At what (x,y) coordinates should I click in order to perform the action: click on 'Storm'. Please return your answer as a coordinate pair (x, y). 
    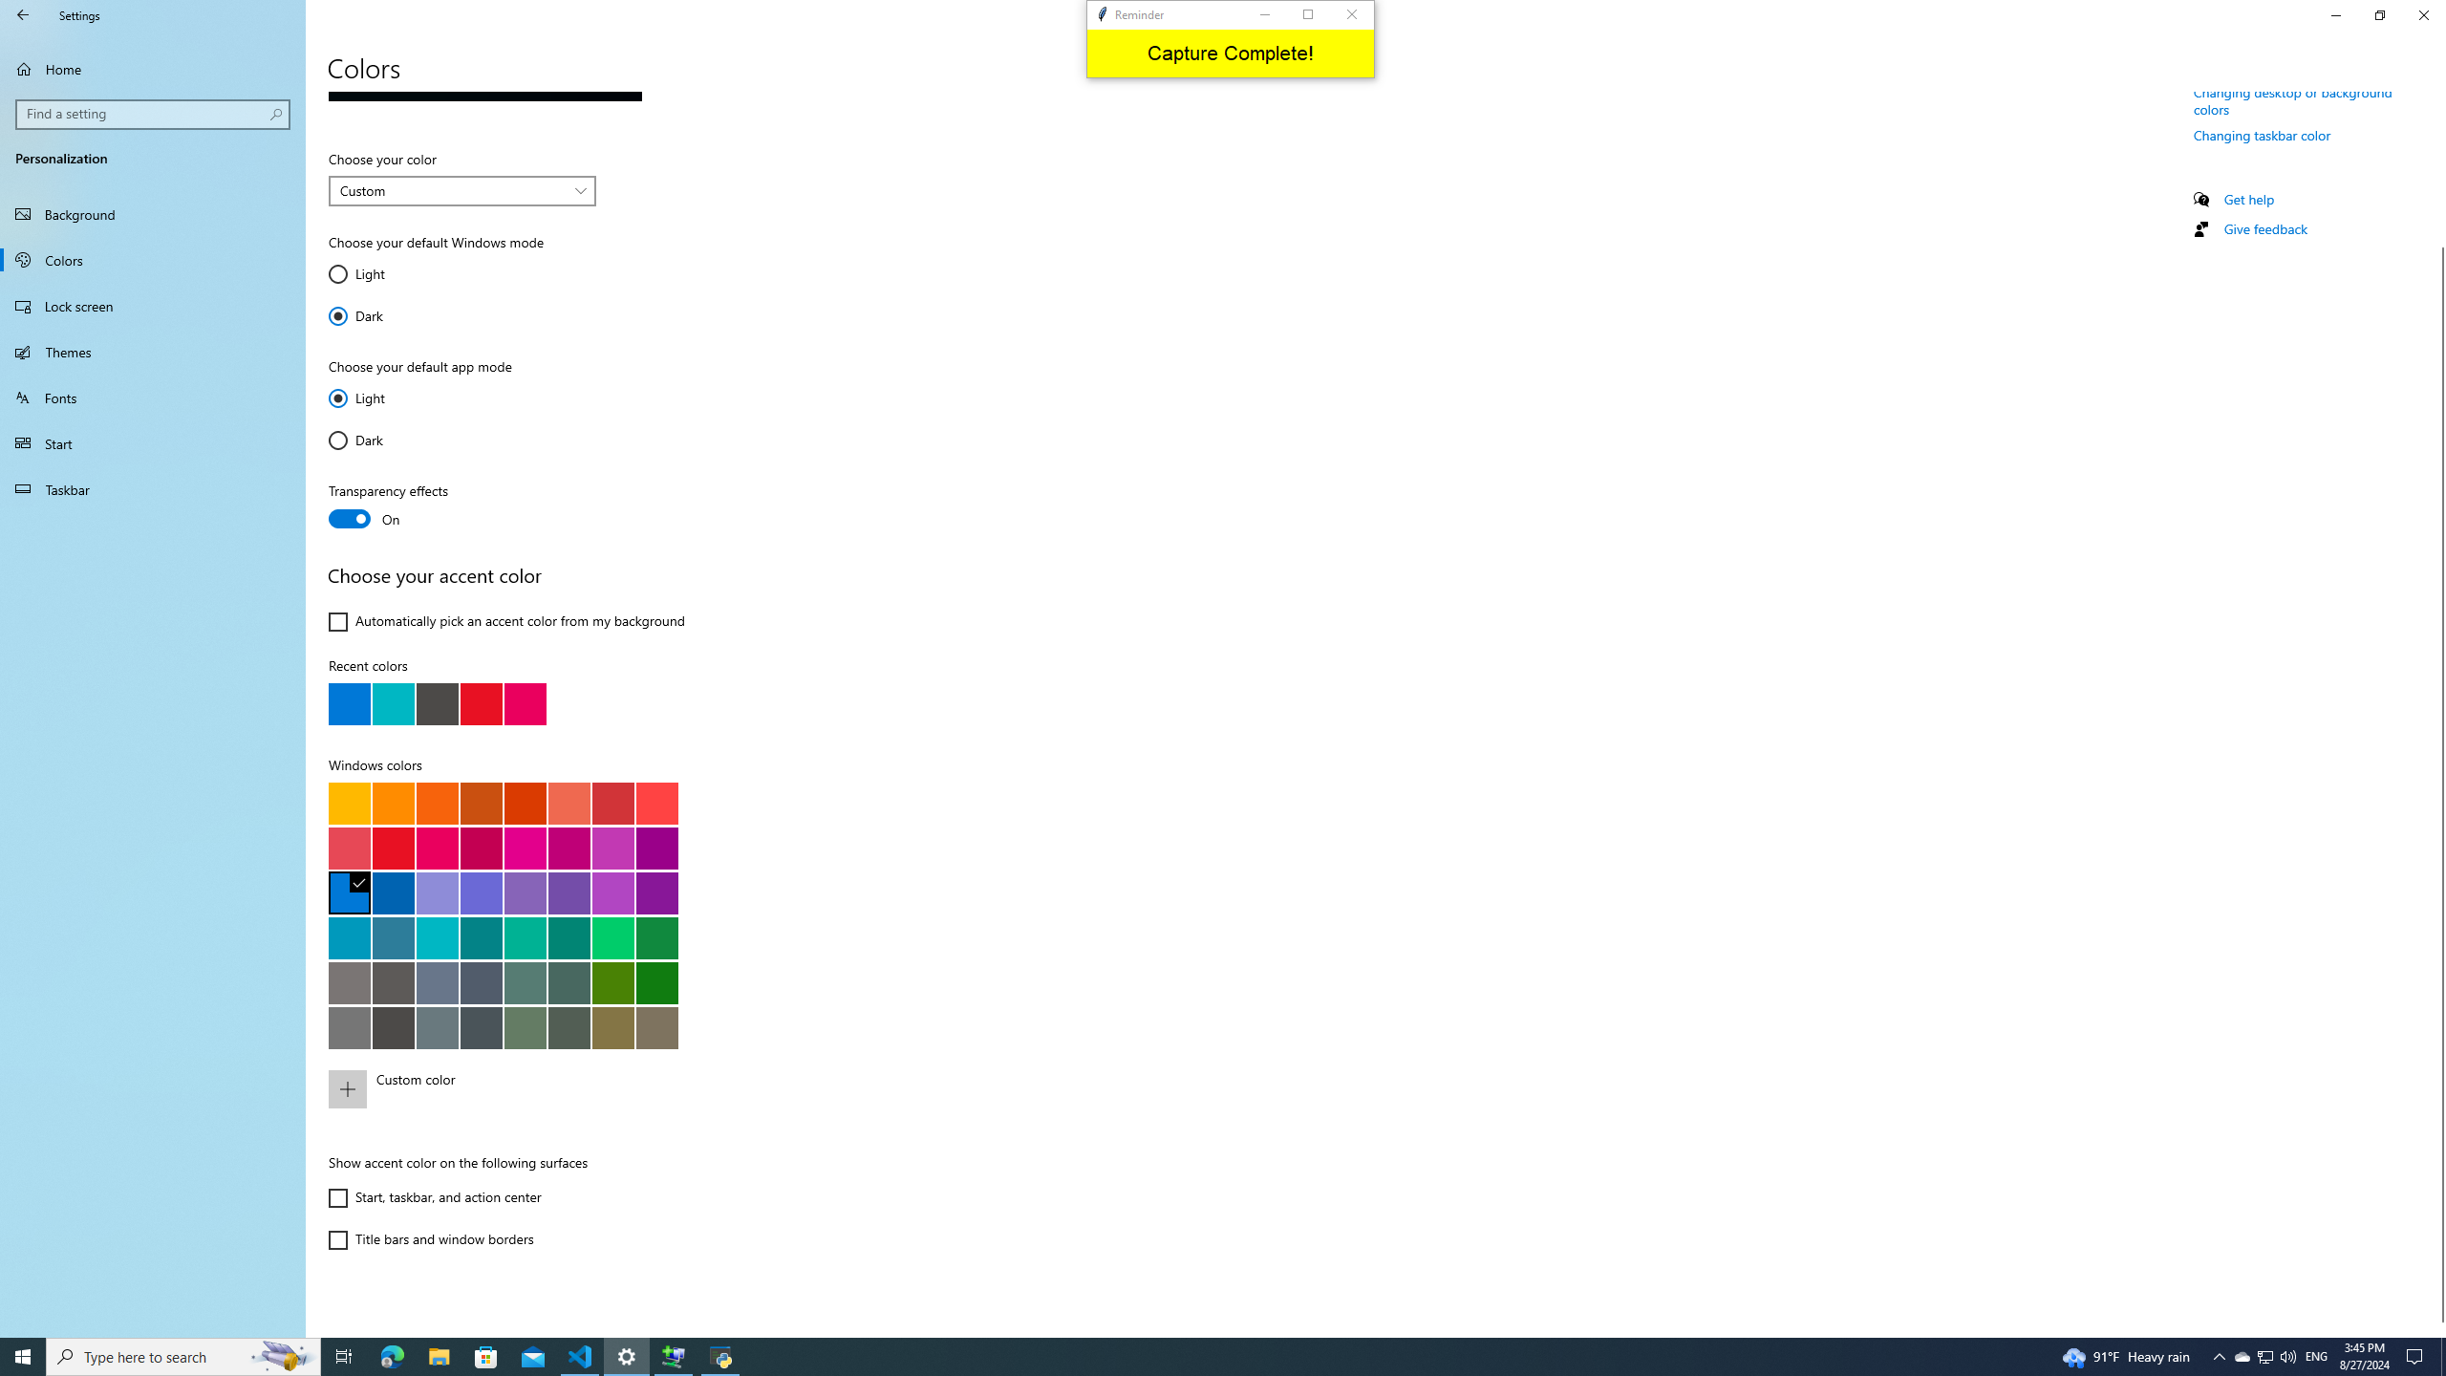
    Looking at the image, I should click on (393, 1025).